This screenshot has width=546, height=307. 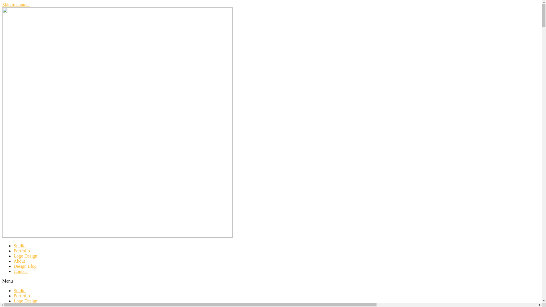 I want to click on 'Portfolio', so click(x=22, y=250).